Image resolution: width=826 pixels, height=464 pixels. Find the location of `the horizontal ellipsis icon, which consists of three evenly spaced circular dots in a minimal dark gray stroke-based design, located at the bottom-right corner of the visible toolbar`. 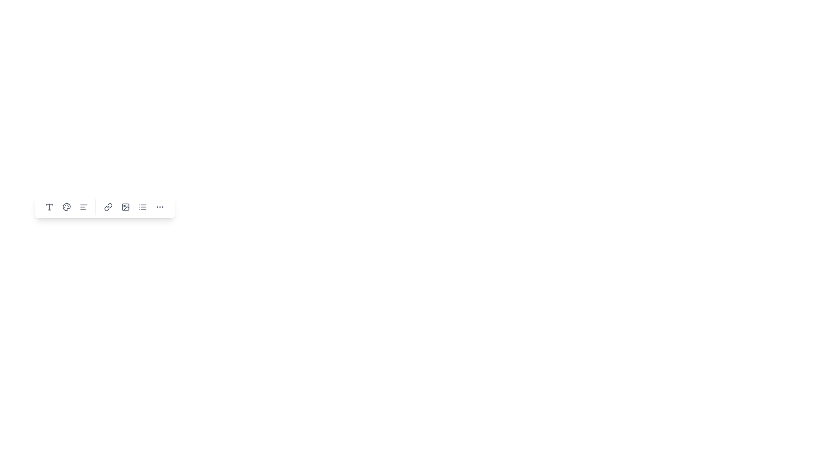

the horizontal ellipsis icon, which consists of three evenly spaced circular dots in a minimal dark gray stroke-based design, located at the bottom-right corner of the visible toolbar is located at coordinates (160, 207).